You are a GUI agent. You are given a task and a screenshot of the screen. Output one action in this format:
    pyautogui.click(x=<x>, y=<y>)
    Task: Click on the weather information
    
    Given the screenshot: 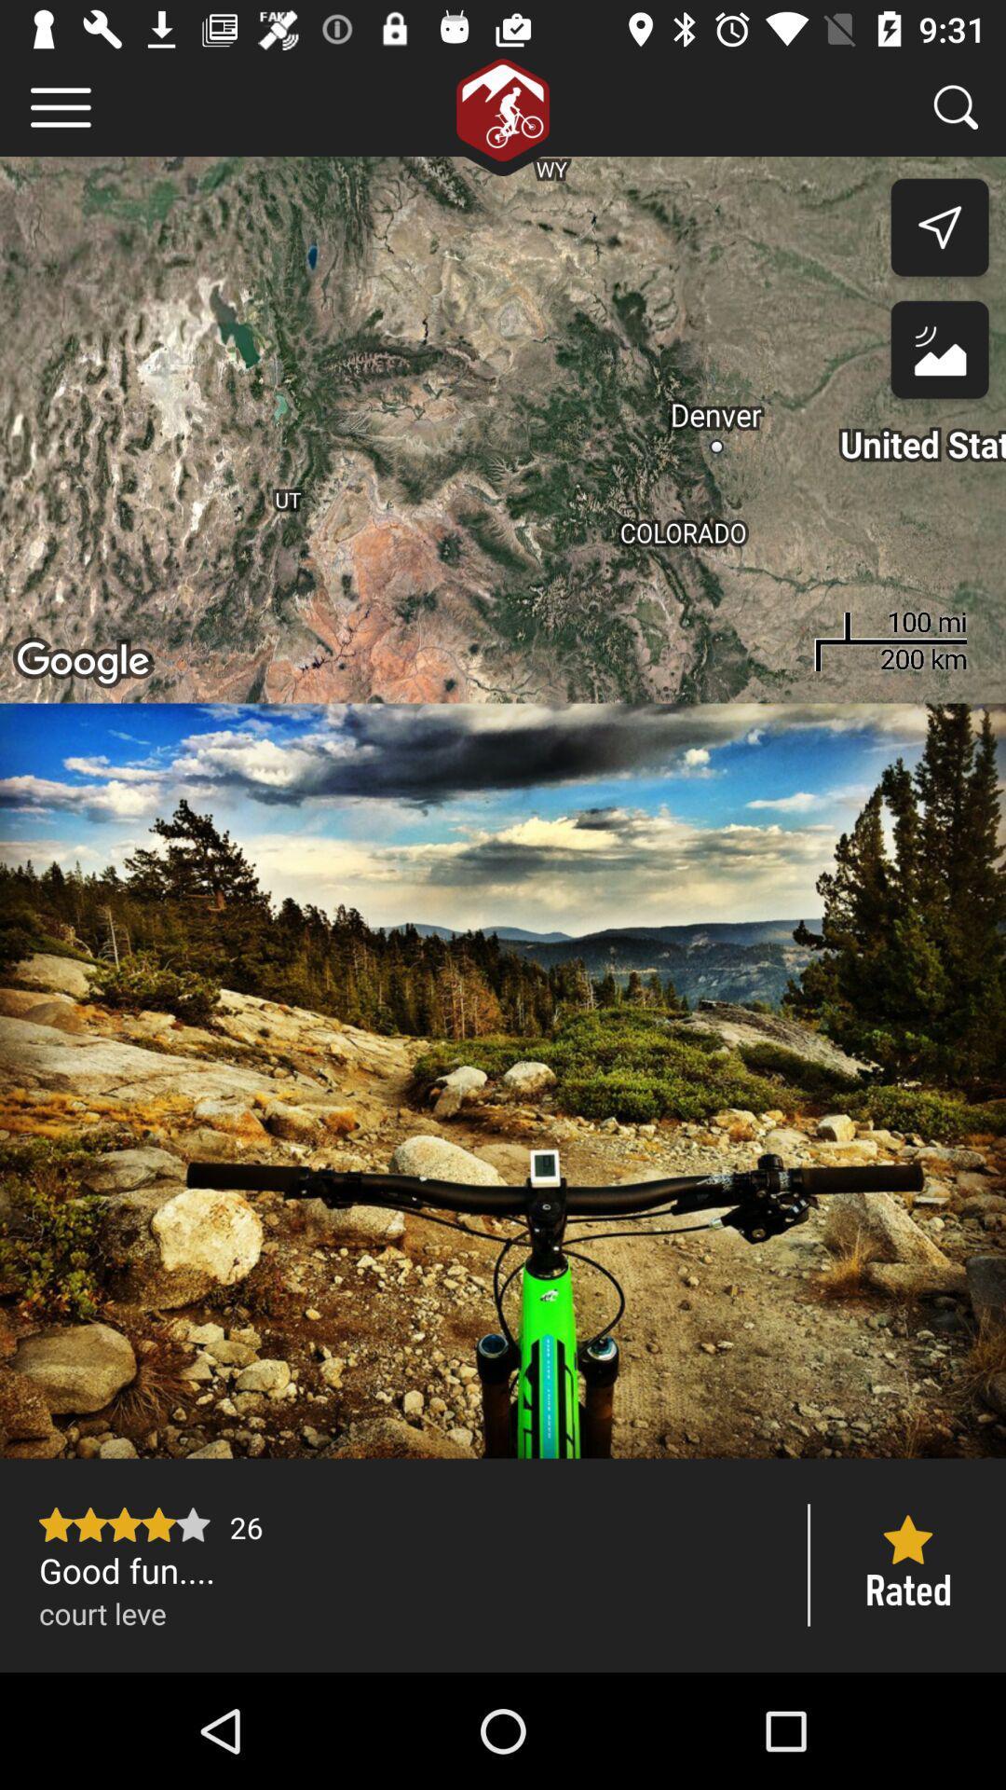 What is the action you would take?
    pyautogui.click(x=940, y=354)
    